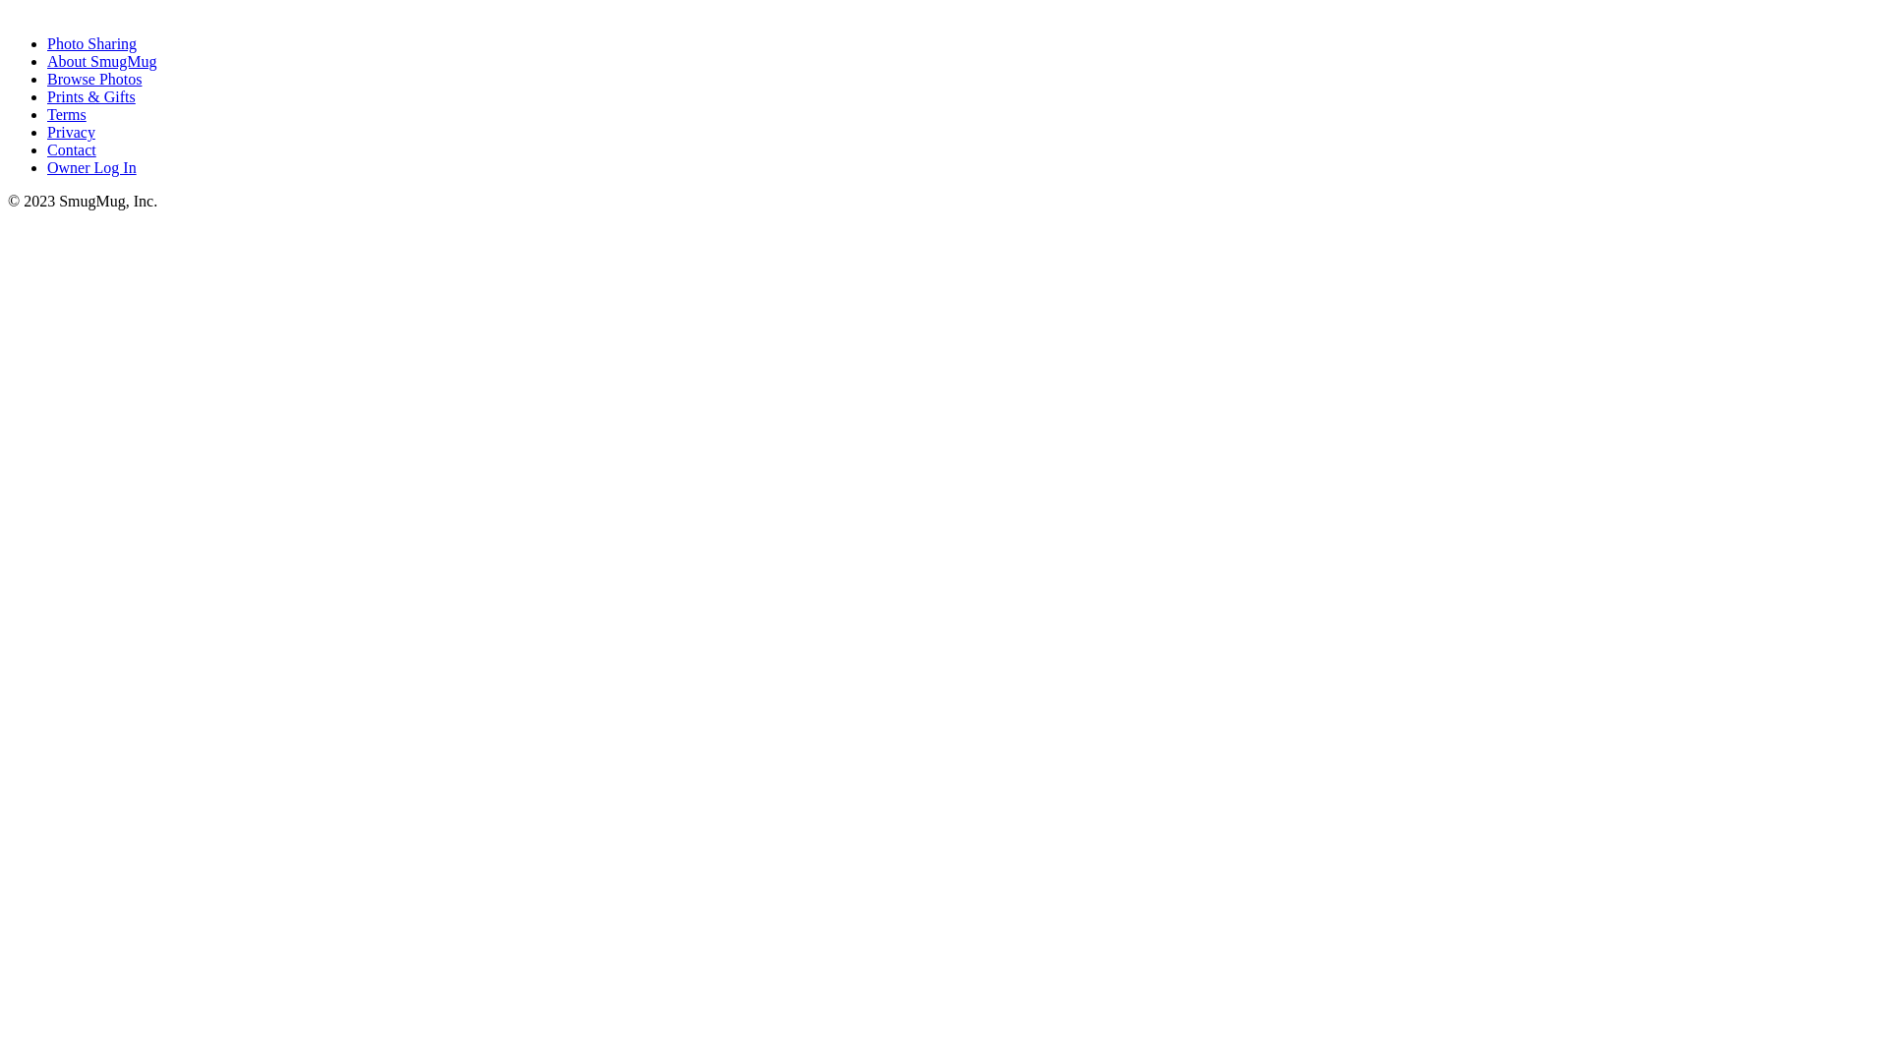 The width and height of the screenshot is (1888, 1062). I want to click on 'Owner Log In', so click(90, 166).